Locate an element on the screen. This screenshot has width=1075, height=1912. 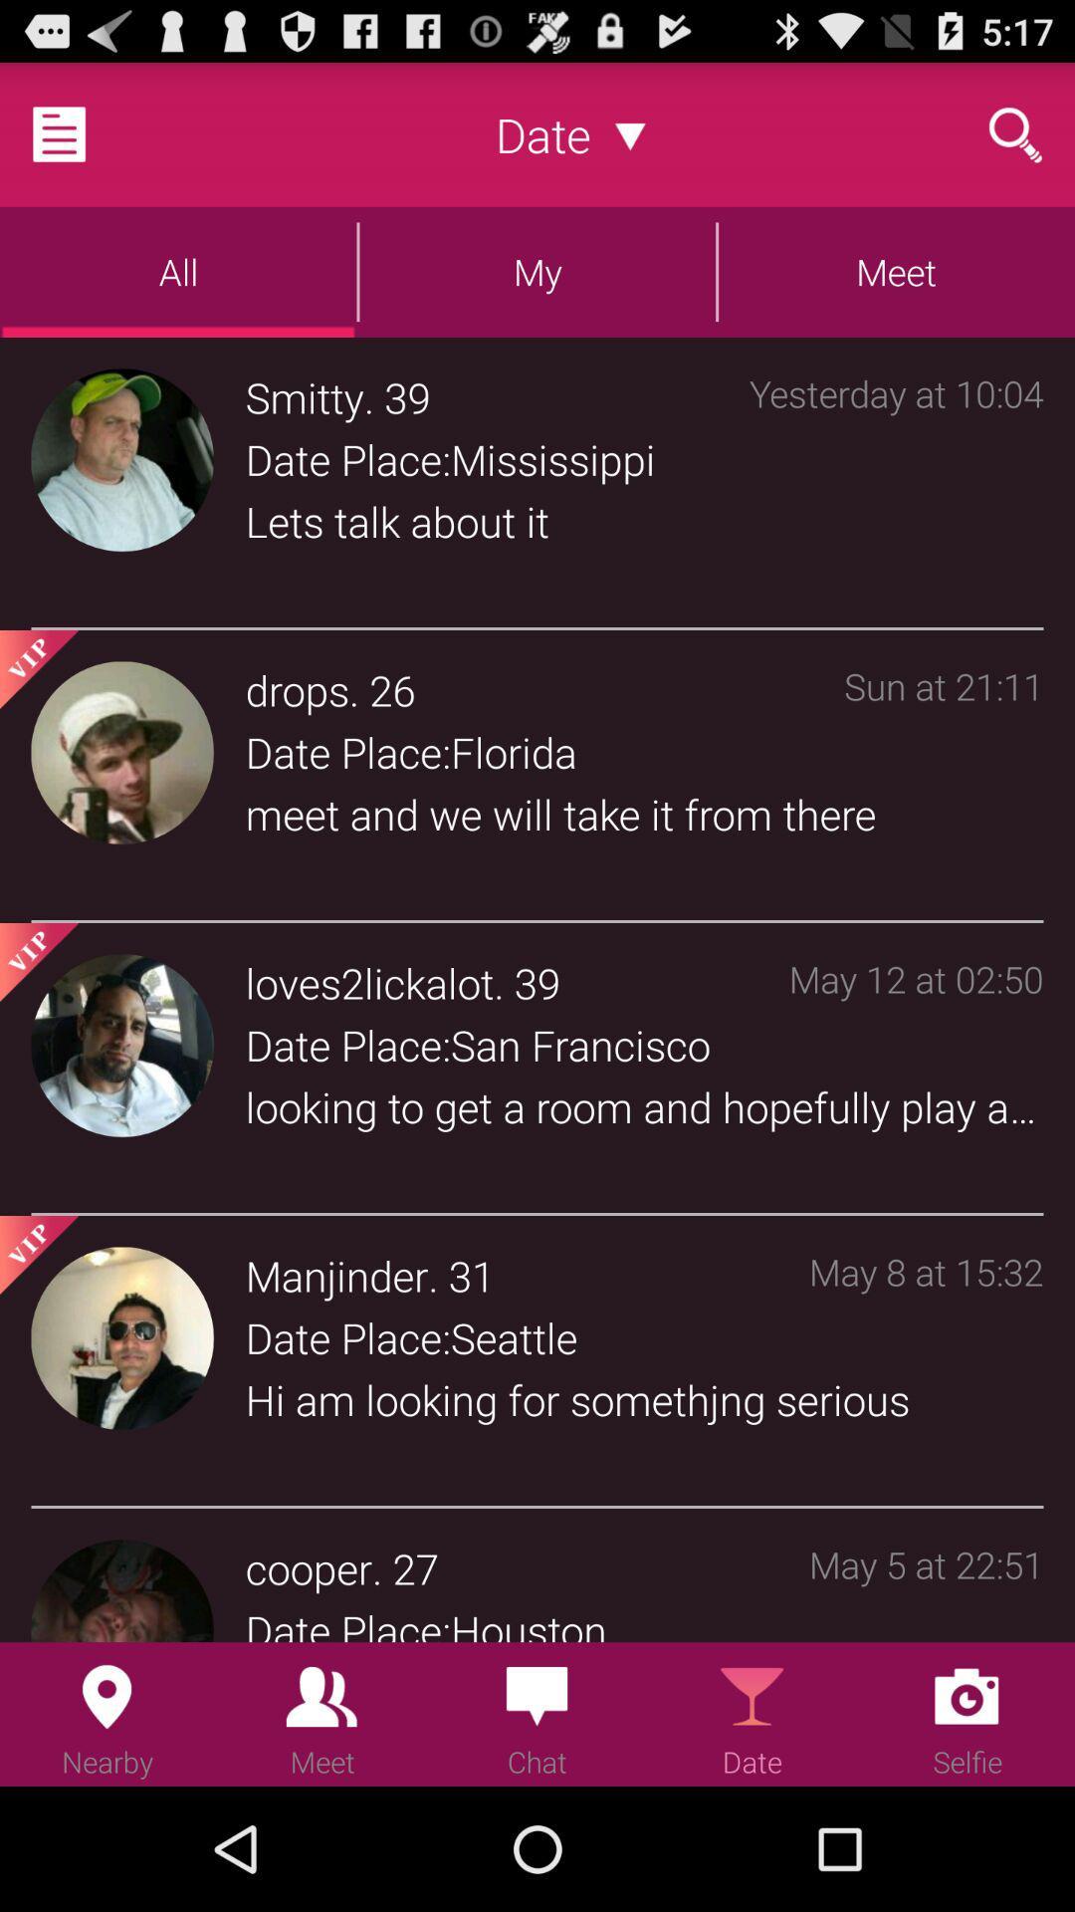
sort by date is located at coordinates (630, 133).